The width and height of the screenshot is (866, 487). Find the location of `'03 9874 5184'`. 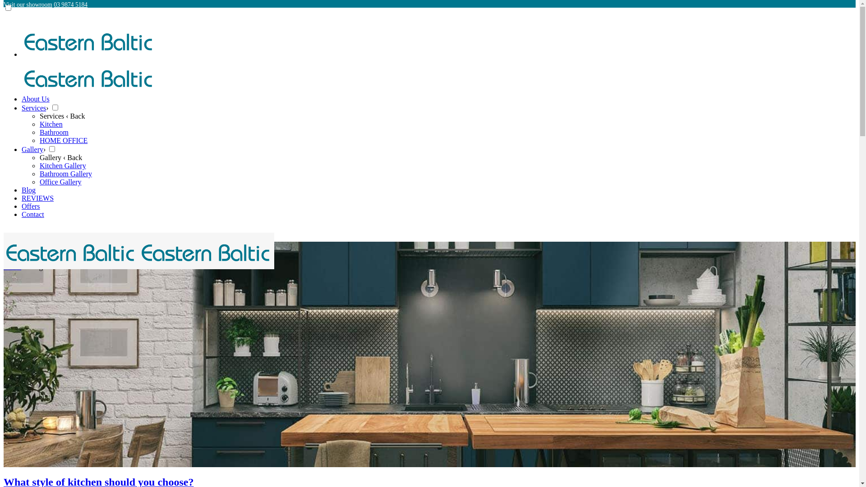

'03 9874 5184' is located at coordinates (53, 5).